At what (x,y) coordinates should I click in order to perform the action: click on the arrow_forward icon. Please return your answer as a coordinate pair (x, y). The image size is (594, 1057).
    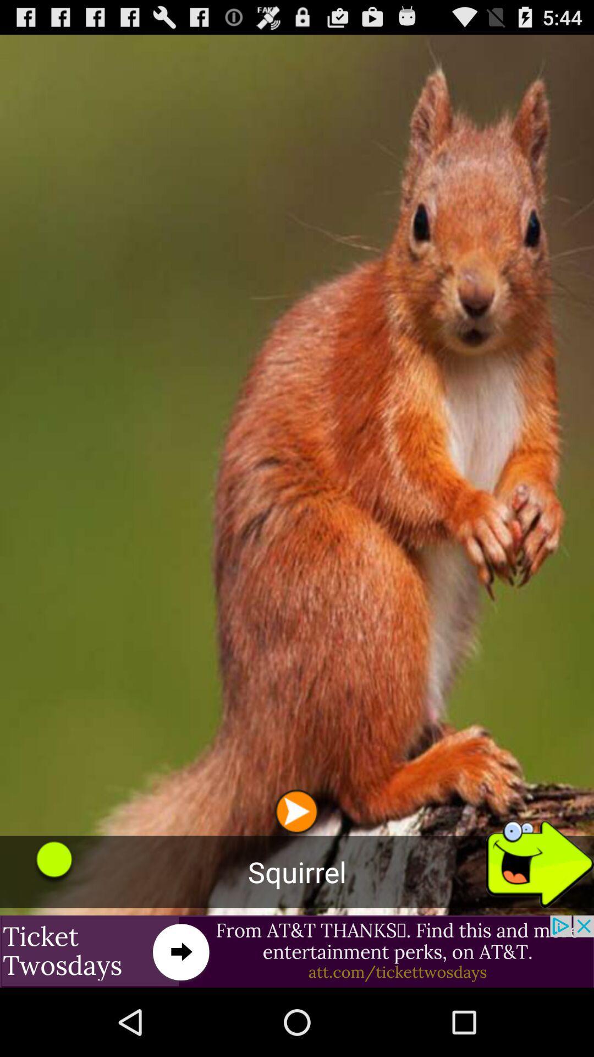
    Looking at the image, I should click on (540, 920).